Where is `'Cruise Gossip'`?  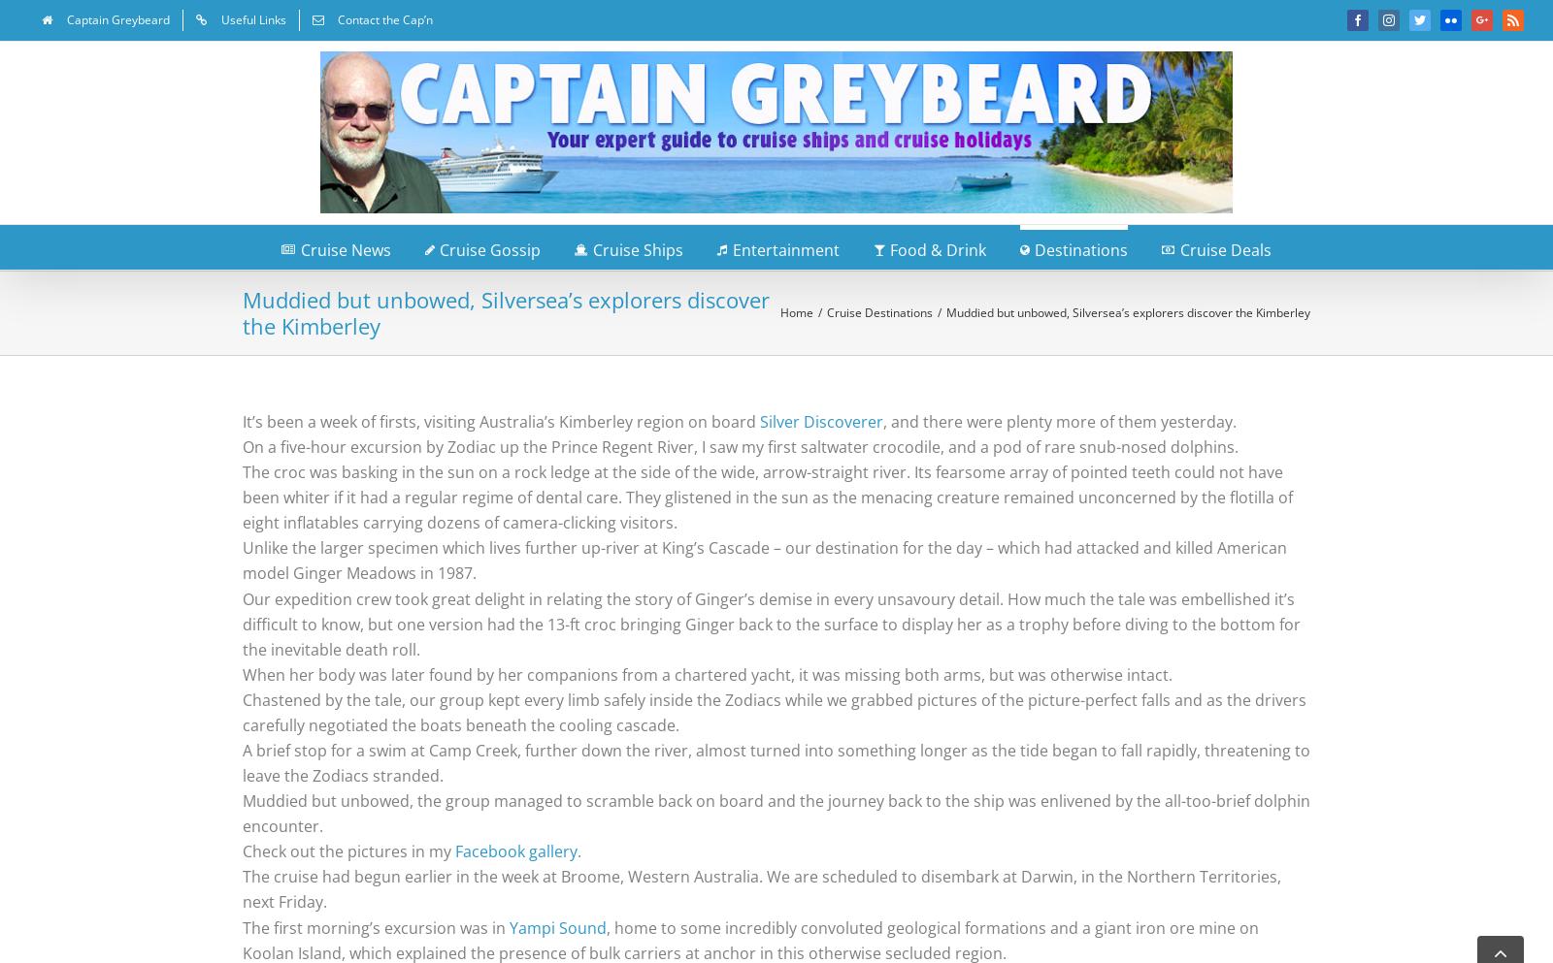
'Cruise Gossip' is located at coordinates (488, 247).